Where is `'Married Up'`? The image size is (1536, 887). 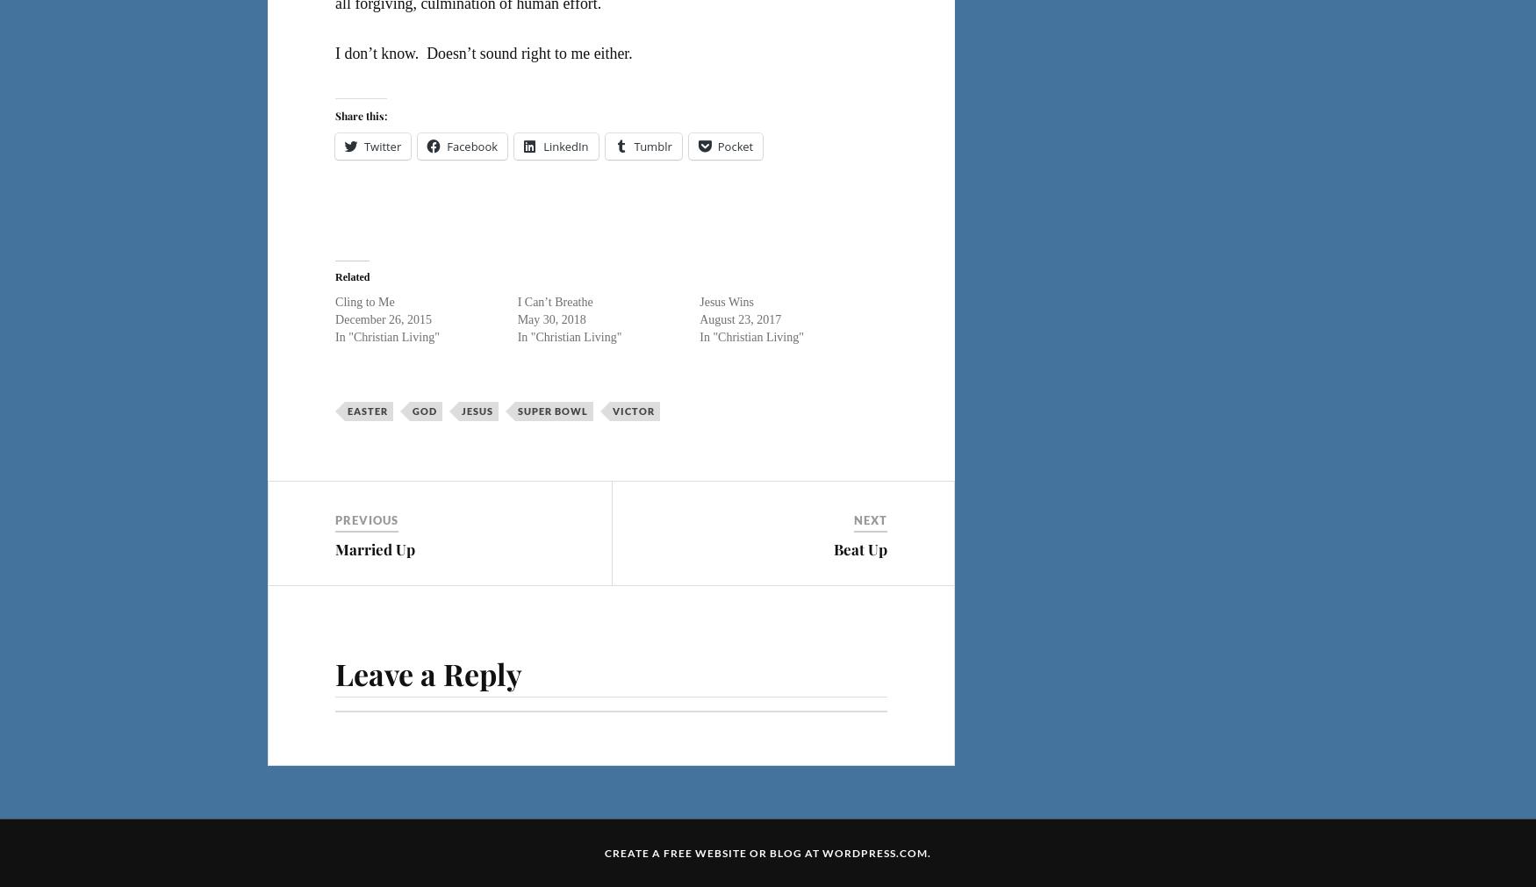 'Married Up' is located at coordinates (374, 549).